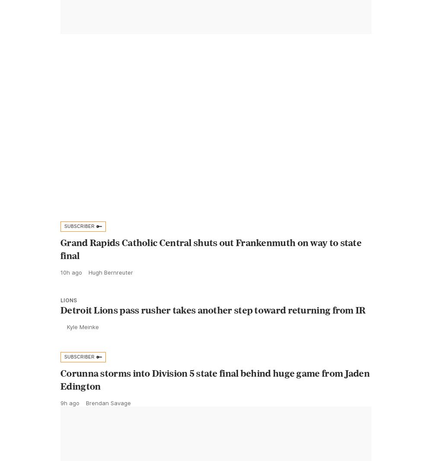 This screenshot has width=432, height=461. What do you see at coordinates (215, 398) in the screenshot?
I see `'Corunna storms into Division 5 state final behind huge game from Jaden Edington'` at bounding box center [215, 398].